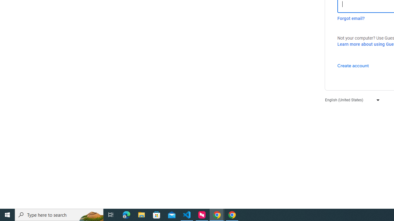 The width and height of the screenshot is (394, 221). Describe the element at coordinates (353, 65) in the screenshot. I see `'Create account'` at that location.